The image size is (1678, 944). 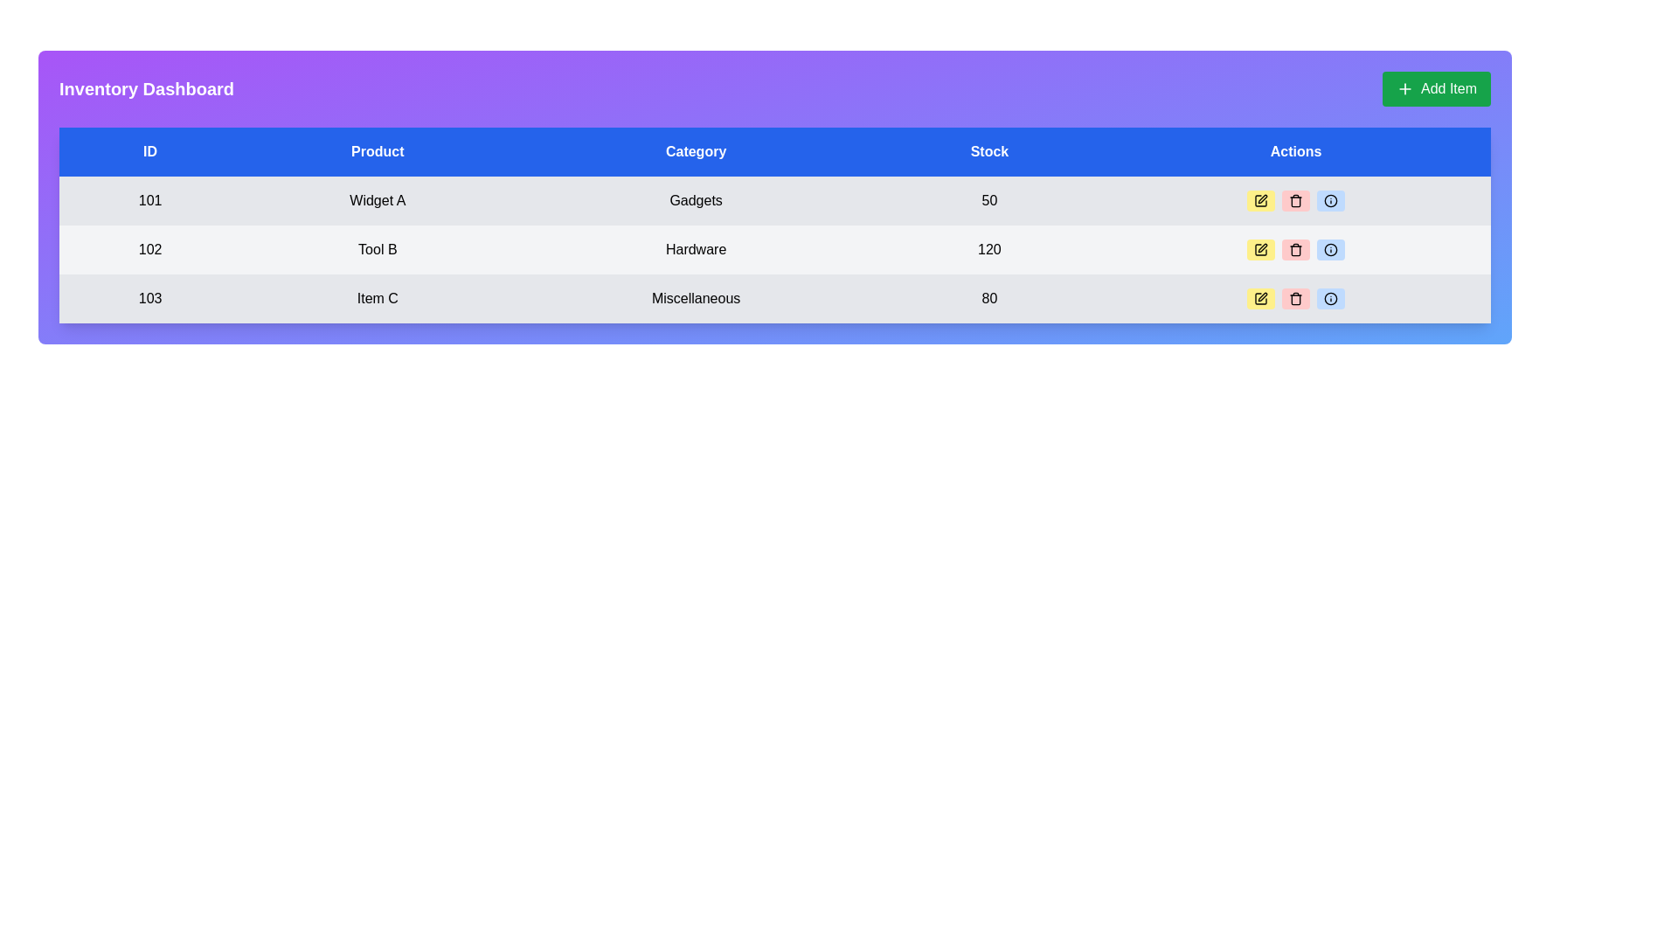 What do you see at coordinates (1261, 249) in the screenshot?
I see `the edit button with a yellow background and a pen icon, located in the third row of the 'Actions' column in the table` at bounding box center [1261, 249].